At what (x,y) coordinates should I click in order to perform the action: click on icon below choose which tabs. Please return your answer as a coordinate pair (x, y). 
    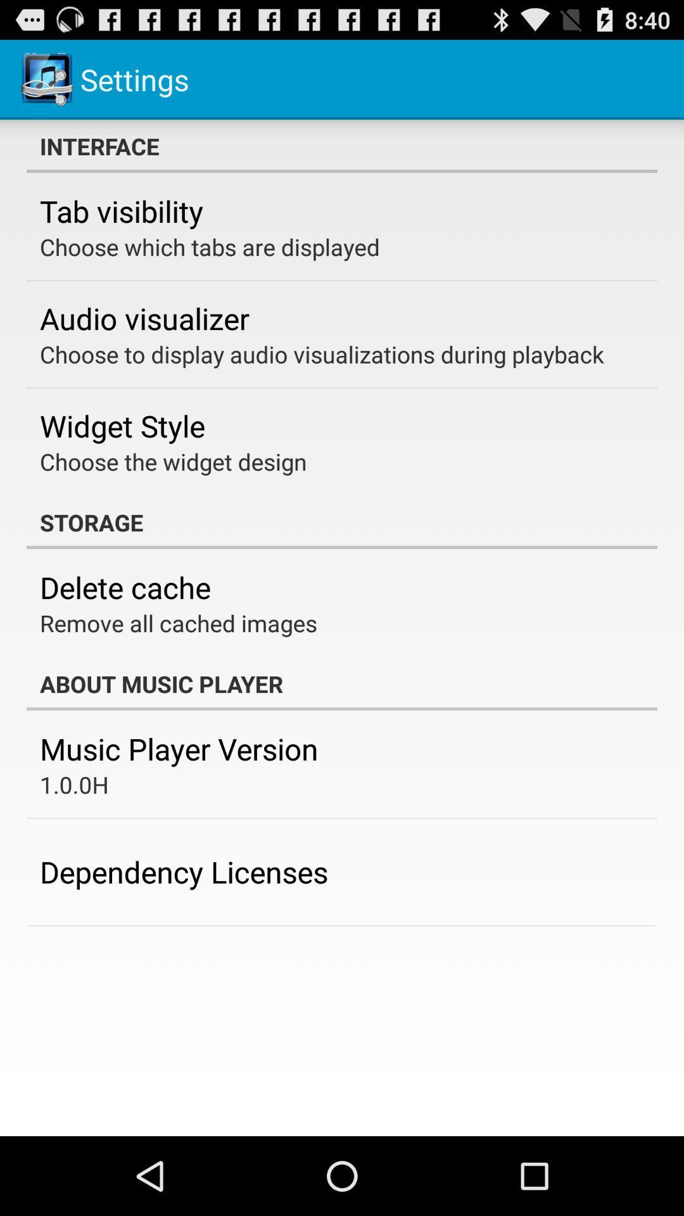
    Looking at the image, I should click on (144, 318).